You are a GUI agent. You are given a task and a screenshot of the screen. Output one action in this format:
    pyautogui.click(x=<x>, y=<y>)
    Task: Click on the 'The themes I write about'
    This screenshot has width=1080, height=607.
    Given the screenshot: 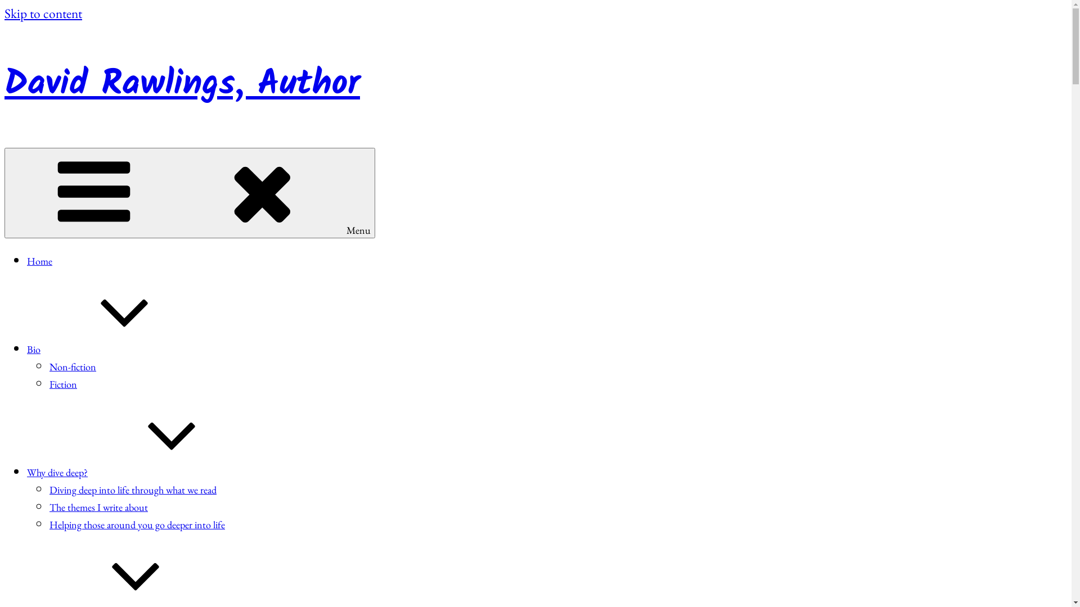 What is the action you would take?
    pyautogui.click(x=98, y=507)
    